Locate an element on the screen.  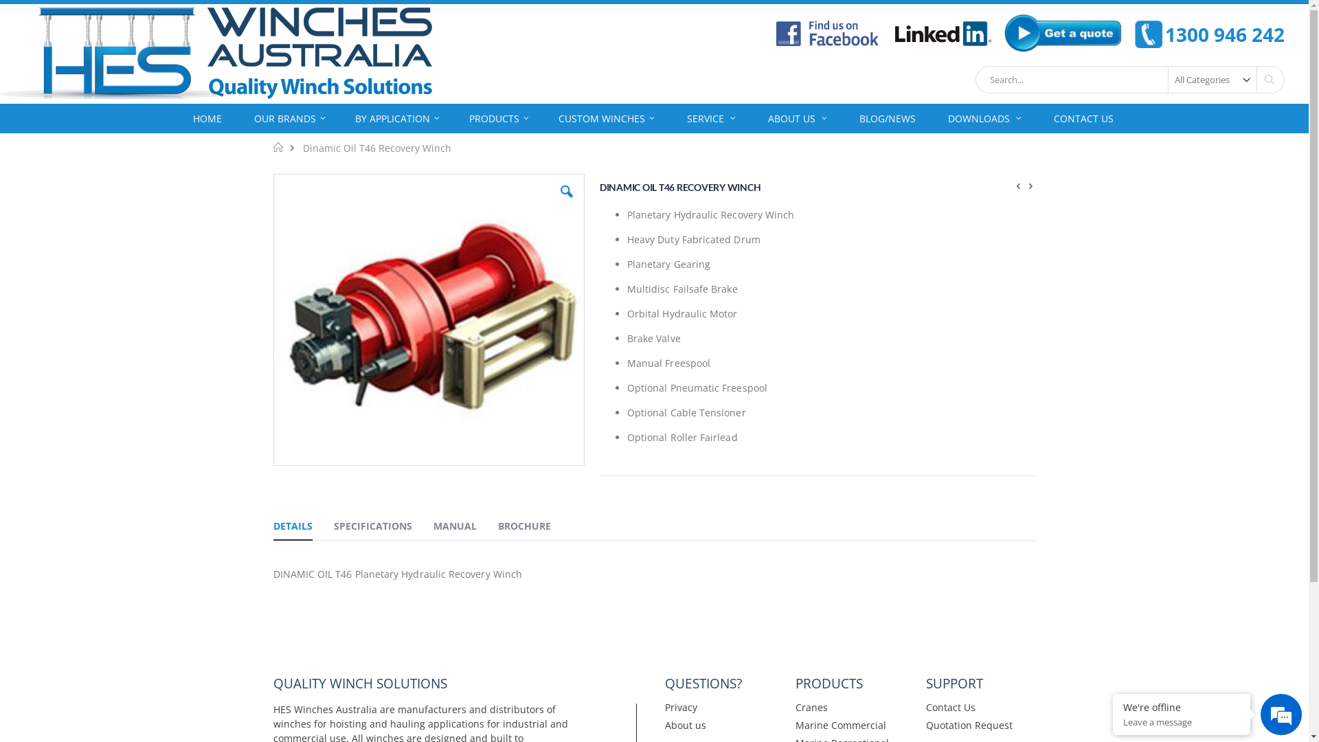
'Contact Us' is located at coordinates (949, 707).